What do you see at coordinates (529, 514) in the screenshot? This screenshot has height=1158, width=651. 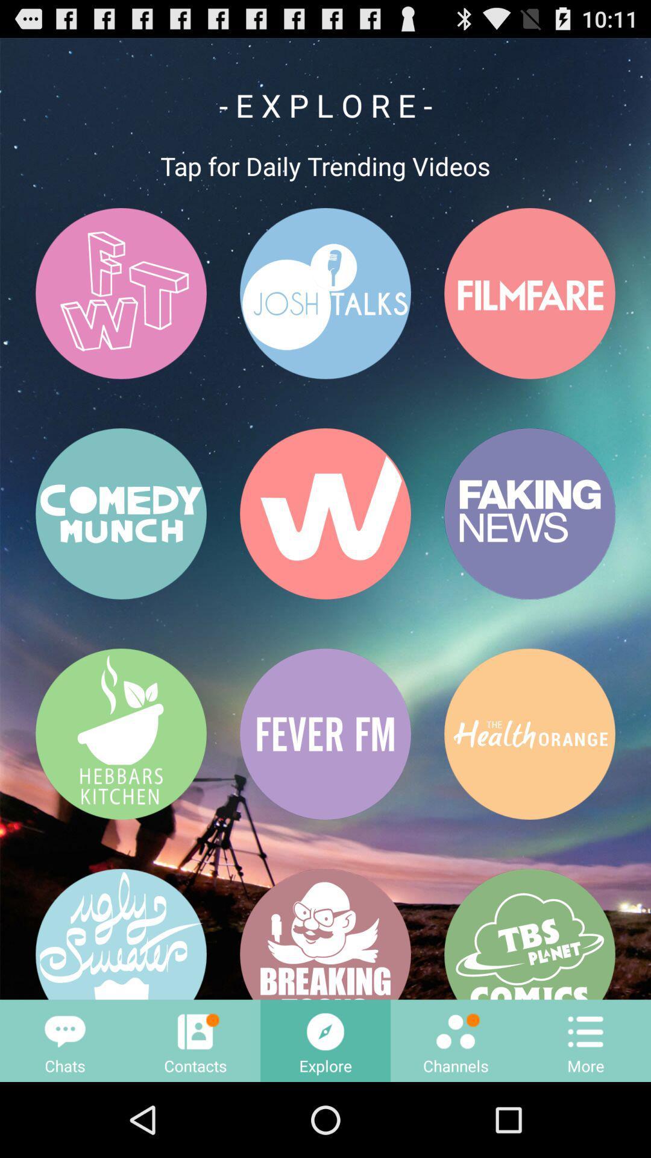 I see `the button having a text faking news` at bounding box center [529, 514].